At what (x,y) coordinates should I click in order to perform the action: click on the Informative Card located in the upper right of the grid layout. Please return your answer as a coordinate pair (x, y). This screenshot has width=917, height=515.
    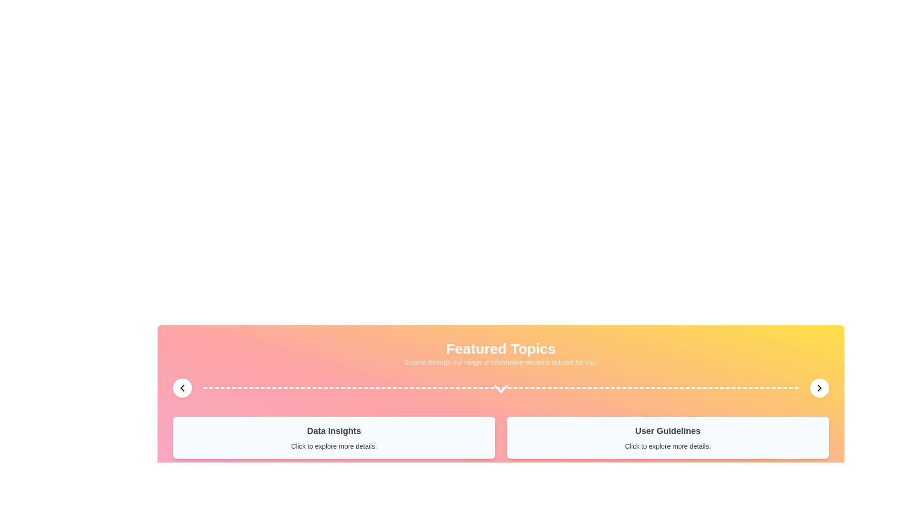
    Looking at the image, I should click on (667, 438).